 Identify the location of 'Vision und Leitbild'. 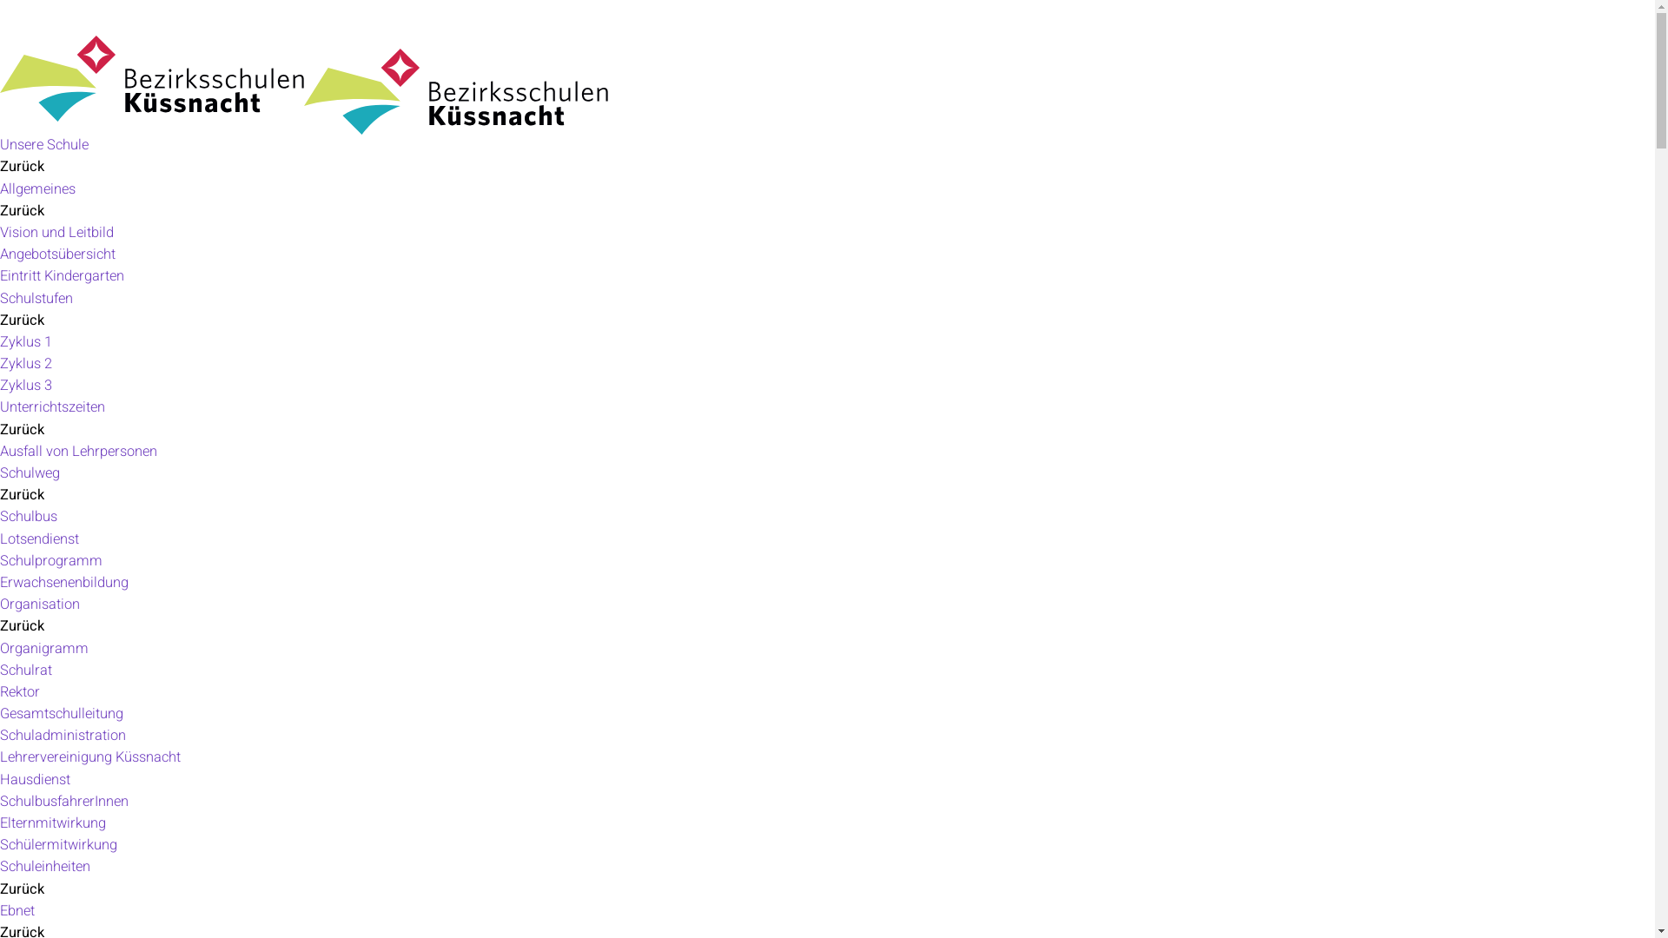
(56, 231).